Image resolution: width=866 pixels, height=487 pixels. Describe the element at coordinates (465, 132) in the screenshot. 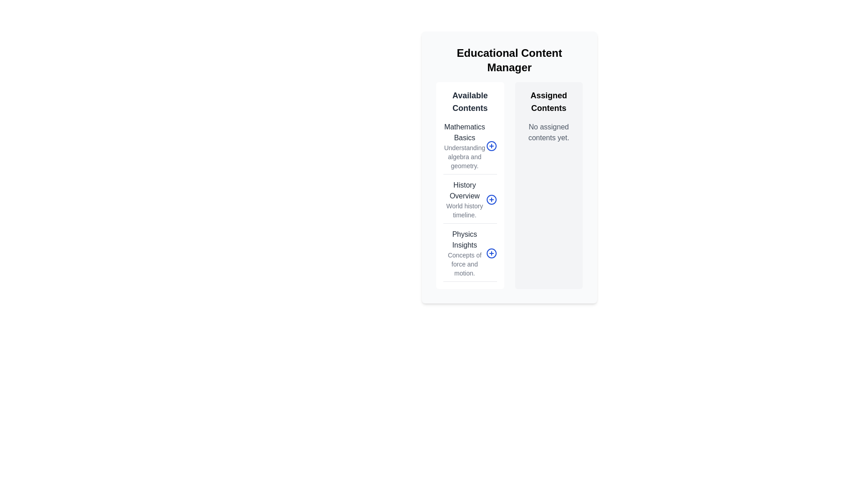

I see `the title text label for the content item in the 'Available Contents' list located at the top of the section in the Educational Content Manager interface` at that location.